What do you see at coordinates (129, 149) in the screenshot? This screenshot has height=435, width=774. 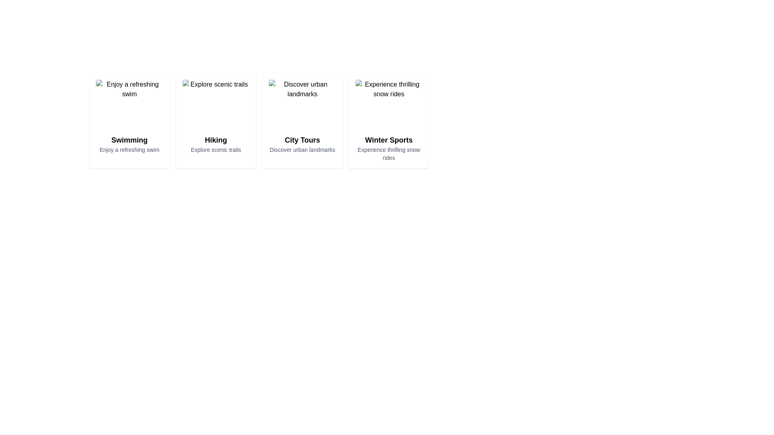 I see `the descriptive text below the title 'Swimming' in the card to potentially reveal additional UI options` at bounding box center [129, 149].